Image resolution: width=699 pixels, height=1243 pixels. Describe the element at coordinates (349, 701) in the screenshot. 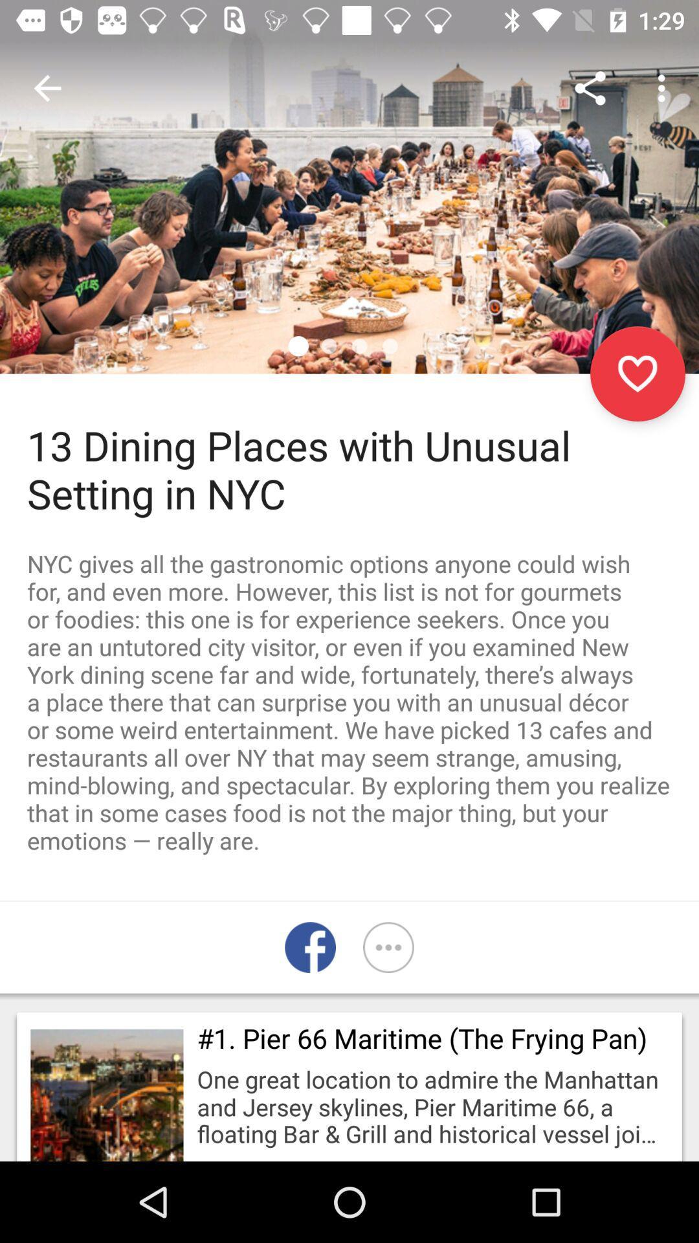

I see `the nyc gives all item` at that location.